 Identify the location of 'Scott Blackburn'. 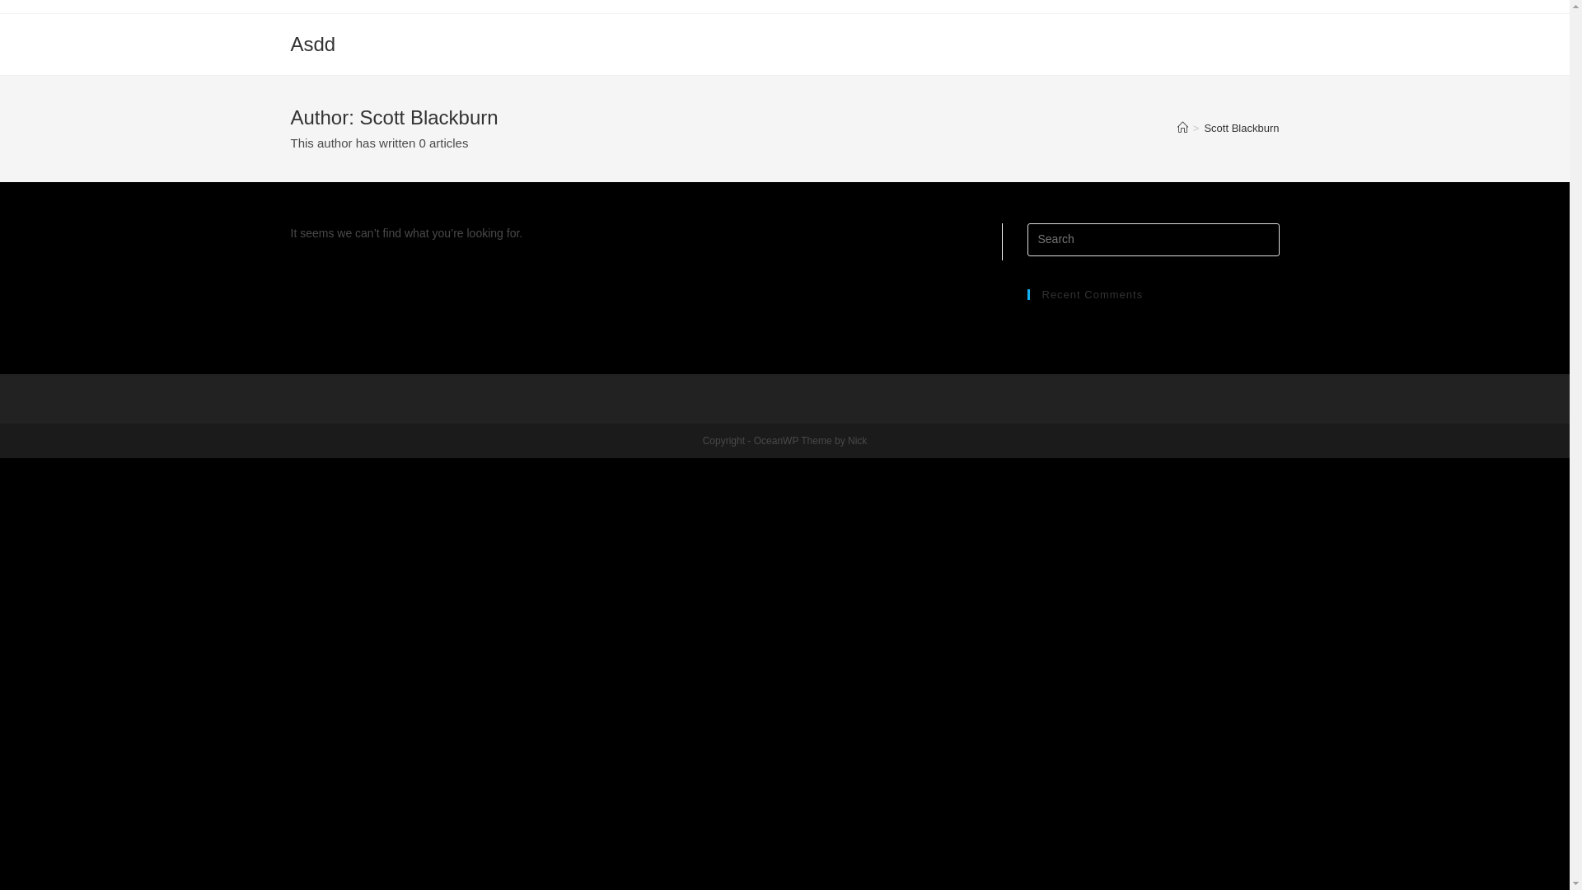
(1241, 127).